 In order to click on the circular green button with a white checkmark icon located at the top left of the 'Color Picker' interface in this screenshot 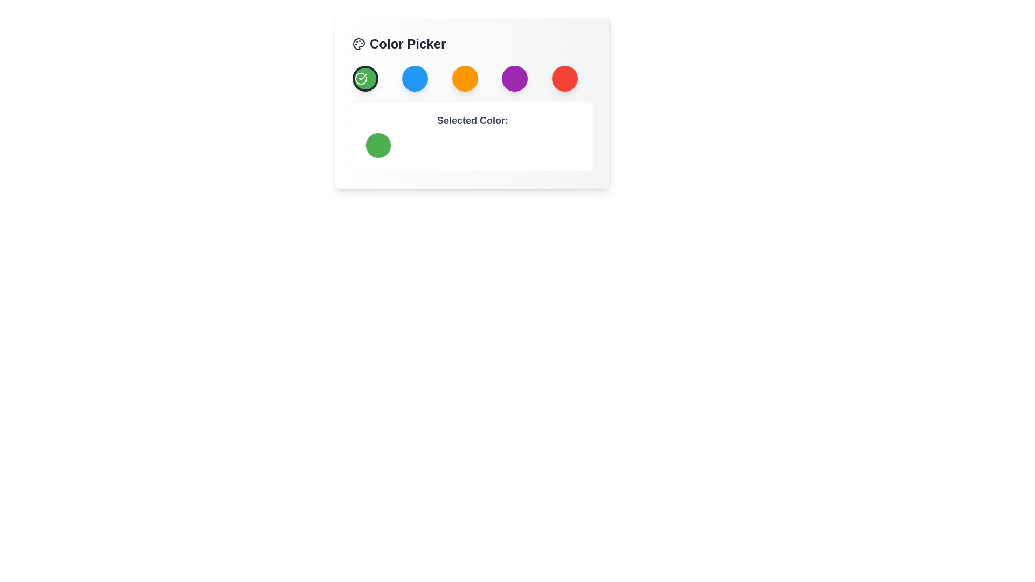, I will do `click(365, 78)`.